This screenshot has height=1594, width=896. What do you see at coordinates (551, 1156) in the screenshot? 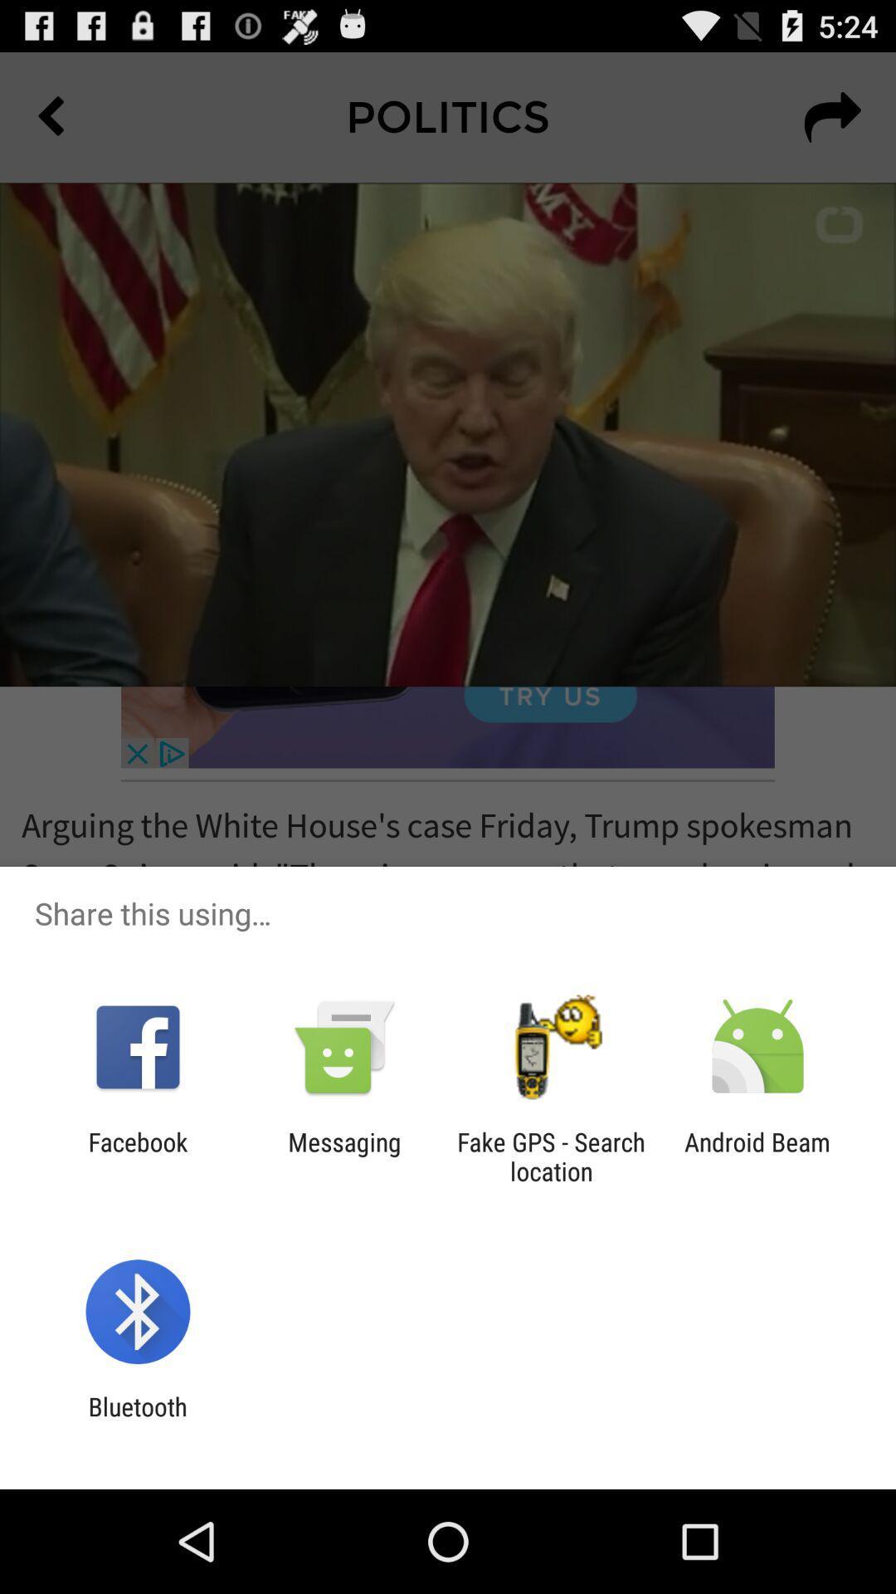
I see `app to the left of android beam app` at bounding box center [551, 1156].